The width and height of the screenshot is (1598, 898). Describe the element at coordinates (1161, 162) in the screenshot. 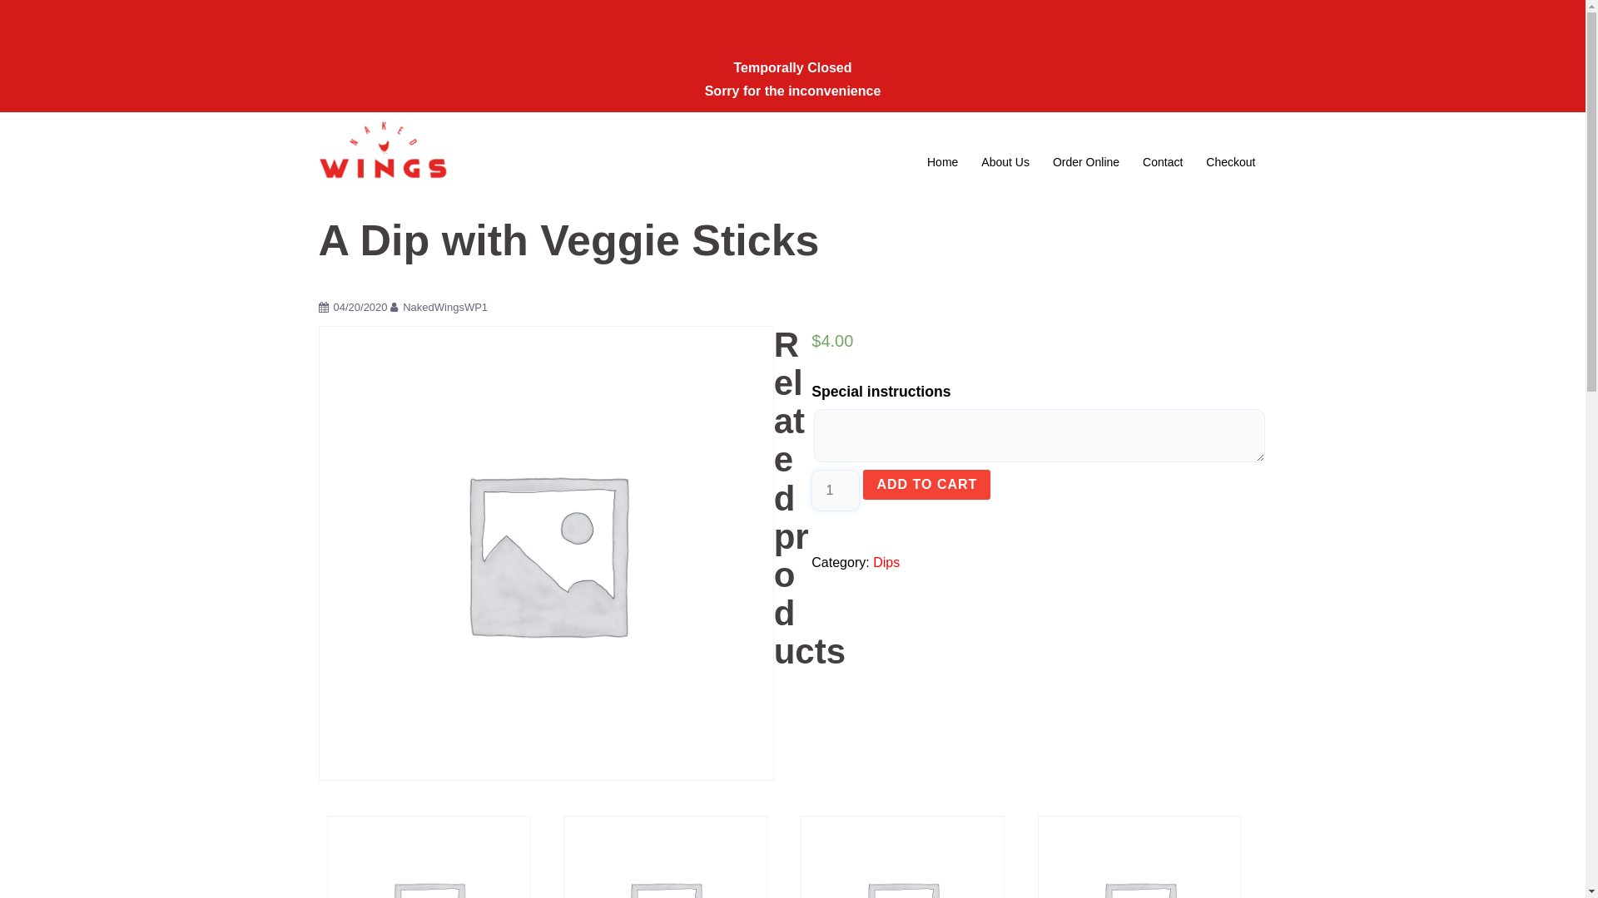

I see `'Contact'` at that location.